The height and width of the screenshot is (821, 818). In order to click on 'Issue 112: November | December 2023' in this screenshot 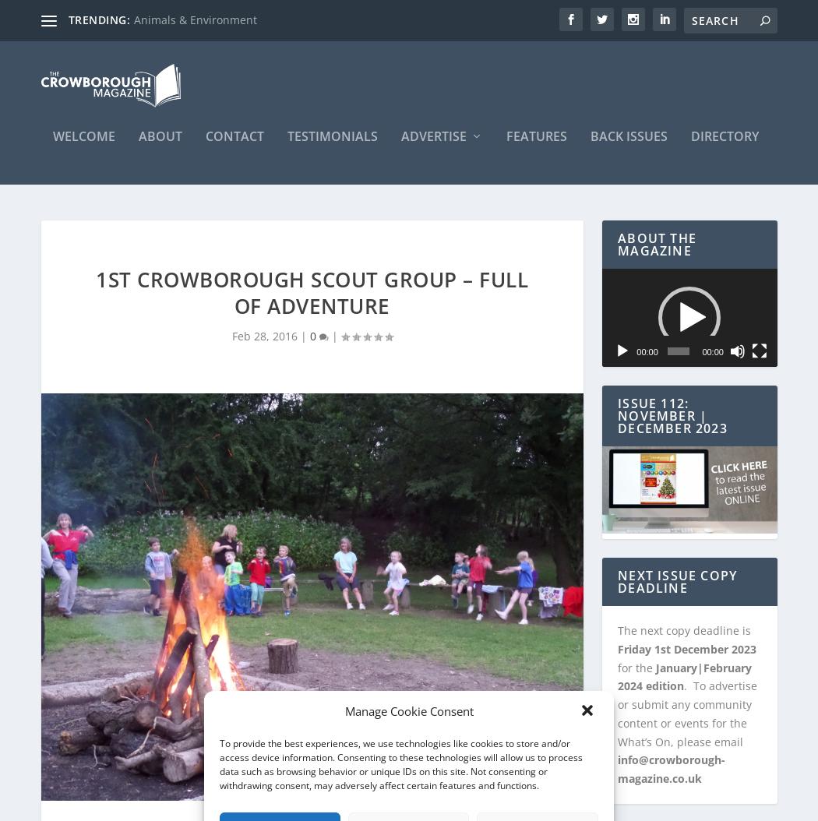, I will do `click(672, 407)`.